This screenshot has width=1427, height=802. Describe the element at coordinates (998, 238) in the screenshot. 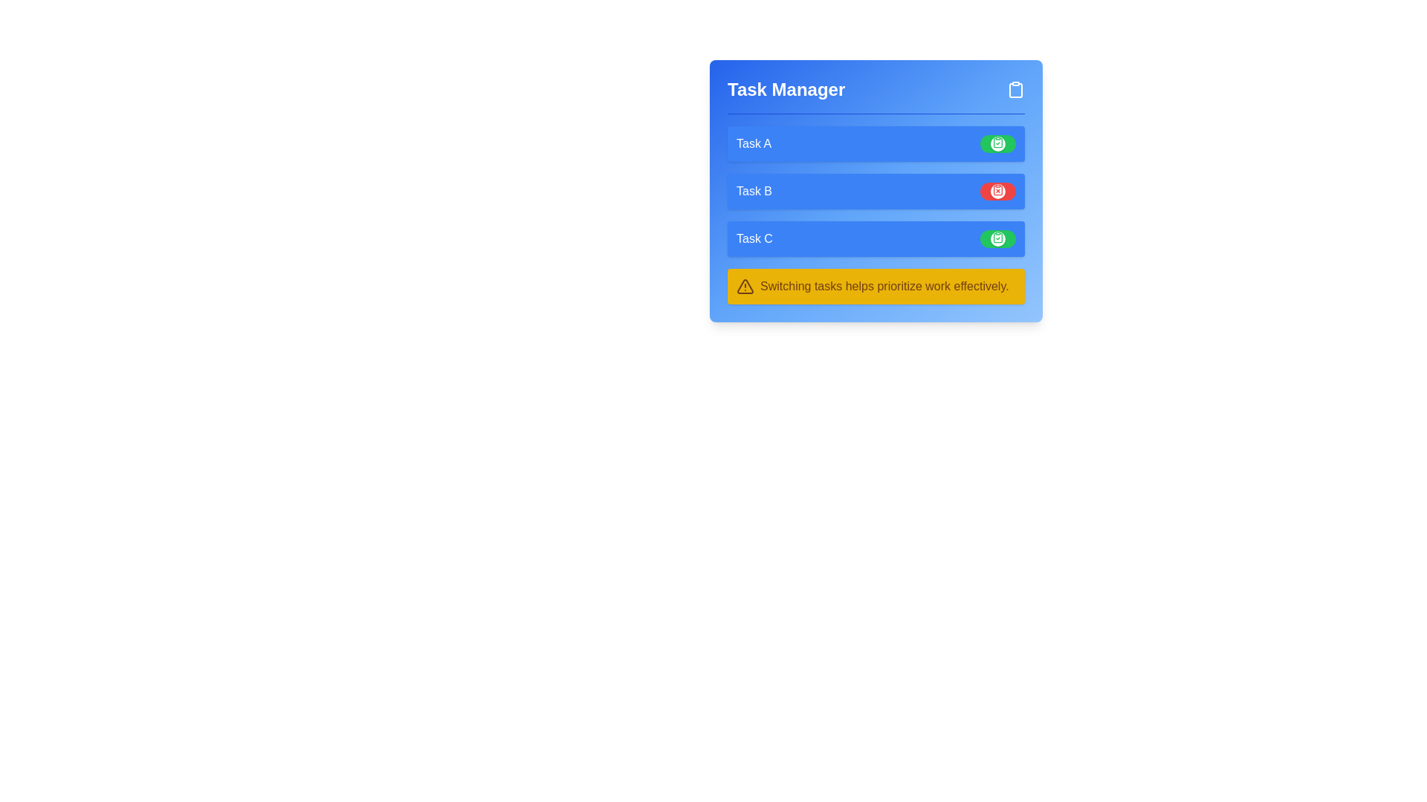

I see `the toggle handle on the third row of the task list associated with 'Task C' to change the switch state` at that location.